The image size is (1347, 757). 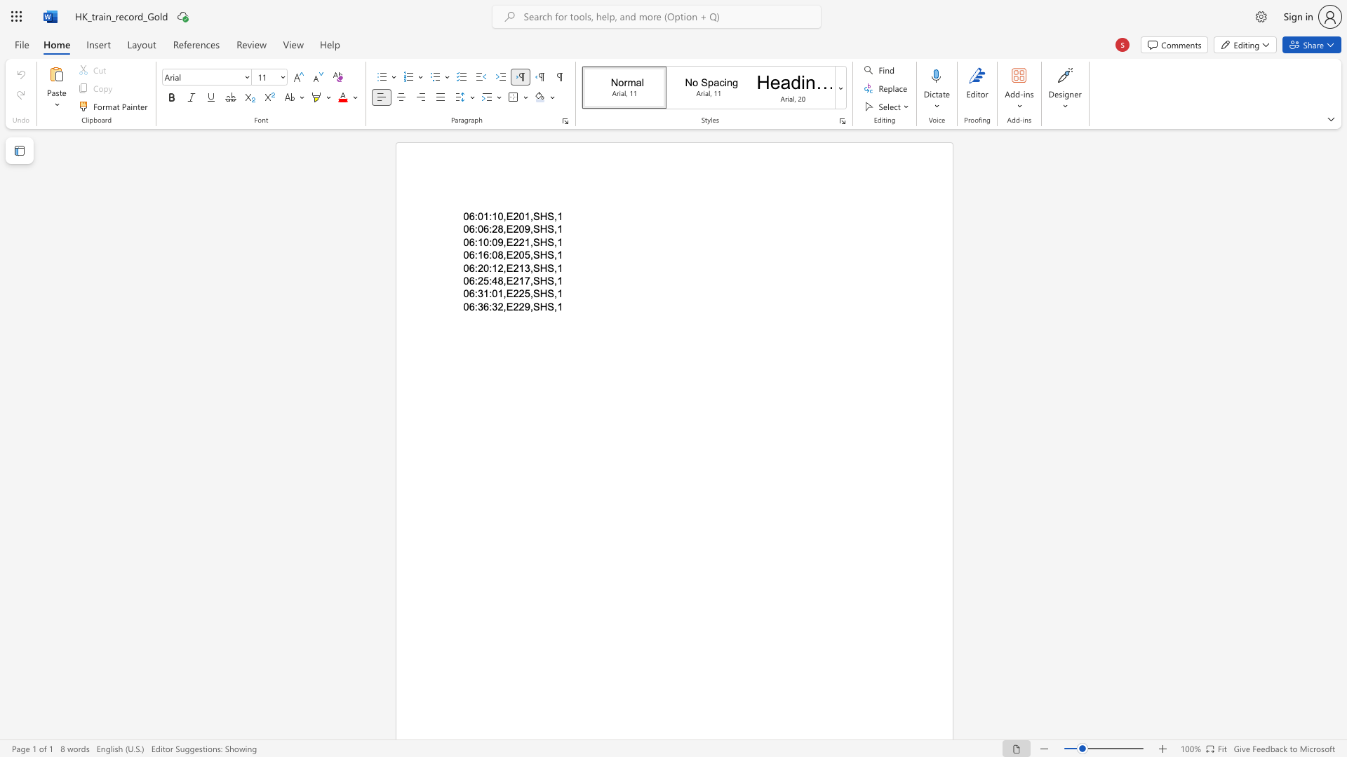 I want to click on the 1th character "0" in the text, so click(x=466, y=241).